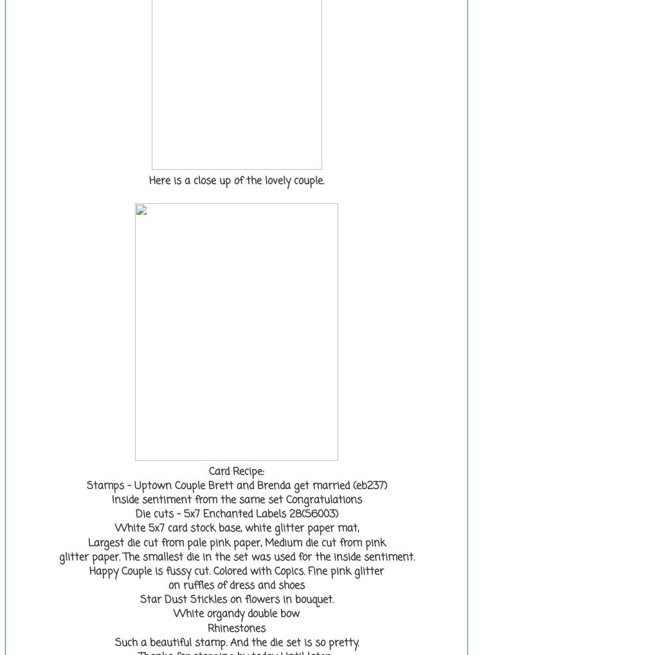 The width and height of the screenshot is (661, 655). I want to click on 'Inside sentiment from the same set Congratulations', so click(235, 500).